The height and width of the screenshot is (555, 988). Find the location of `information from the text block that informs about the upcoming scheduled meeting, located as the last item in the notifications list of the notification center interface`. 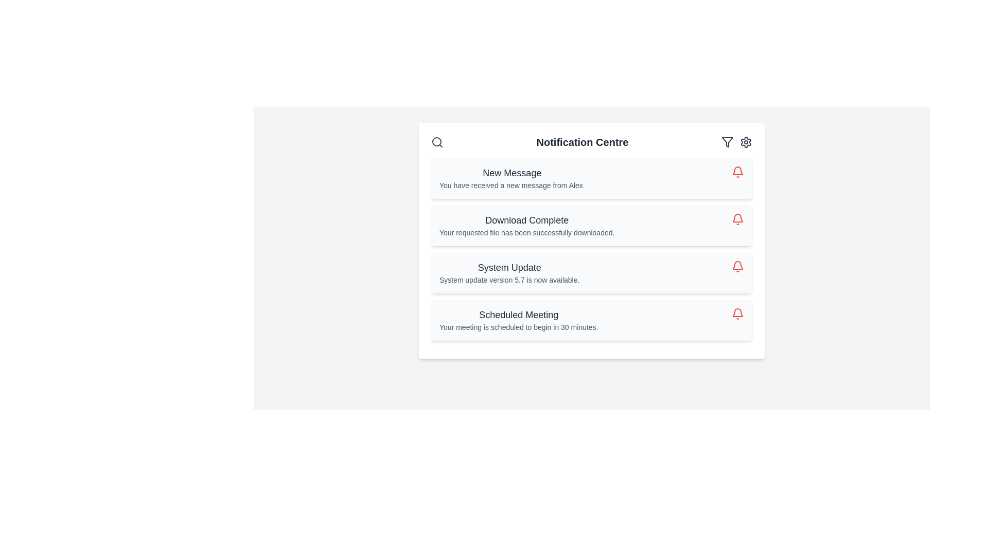

information from the text block that informs about the upcoming scheduled meeting, located as the last item in the notifications list of the notification center interface is located at coordinates (519, 320).